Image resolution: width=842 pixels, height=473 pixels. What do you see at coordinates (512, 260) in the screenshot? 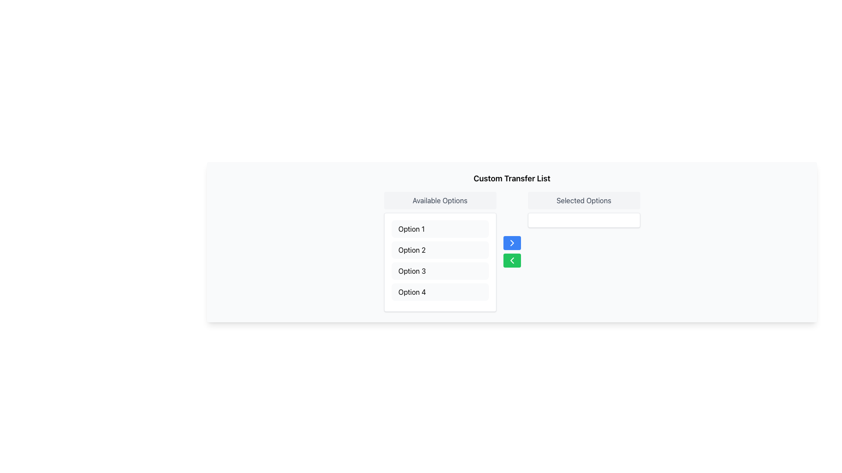
I see `the left-pointing chevron arrow icon button with a green circular background, located below the right-pointing arrow button in the transfer list interface` at bounding box center [512, 260].